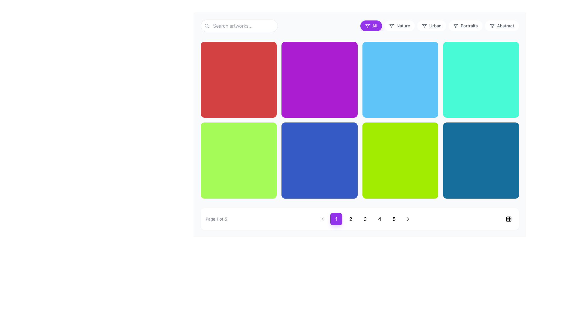  I want to click on the filter button for 'Abstract' content located at the top of the page, positioned between 'Portraits' and the end of the filter list, so click(502, 25).